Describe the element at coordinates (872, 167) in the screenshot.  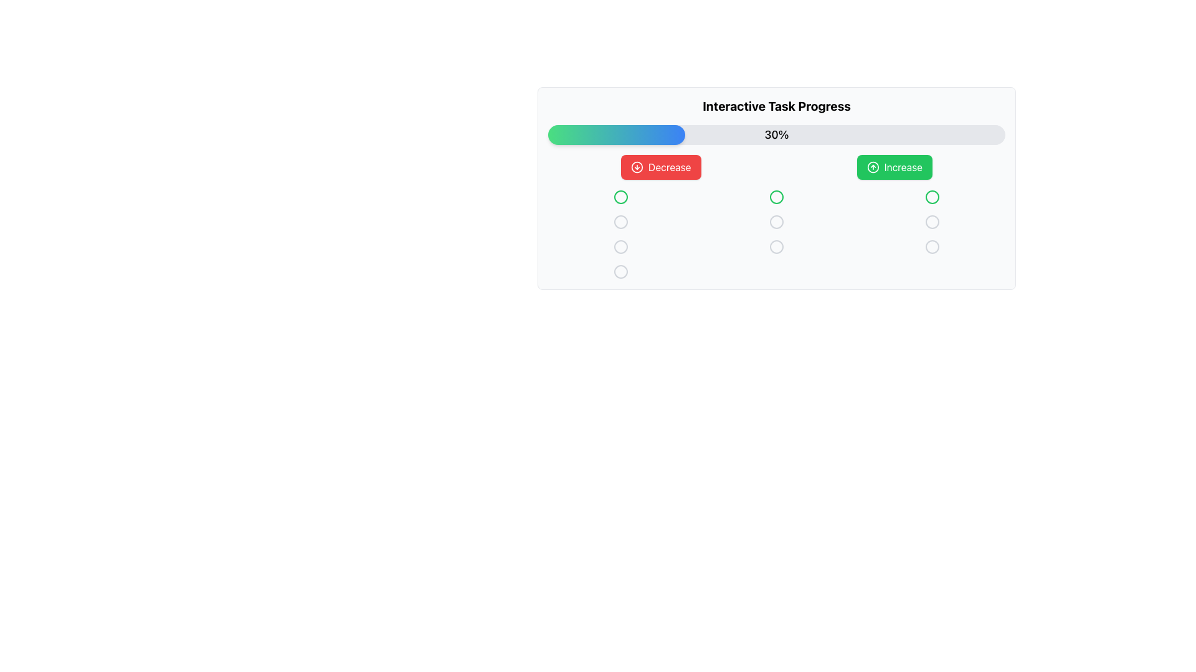
I see `the SVG Circle Element representing the 'Increase' button, which is visually linked to the arrow-circle-up icon and located under the 'Interactive Task Progress' heading` at that location.